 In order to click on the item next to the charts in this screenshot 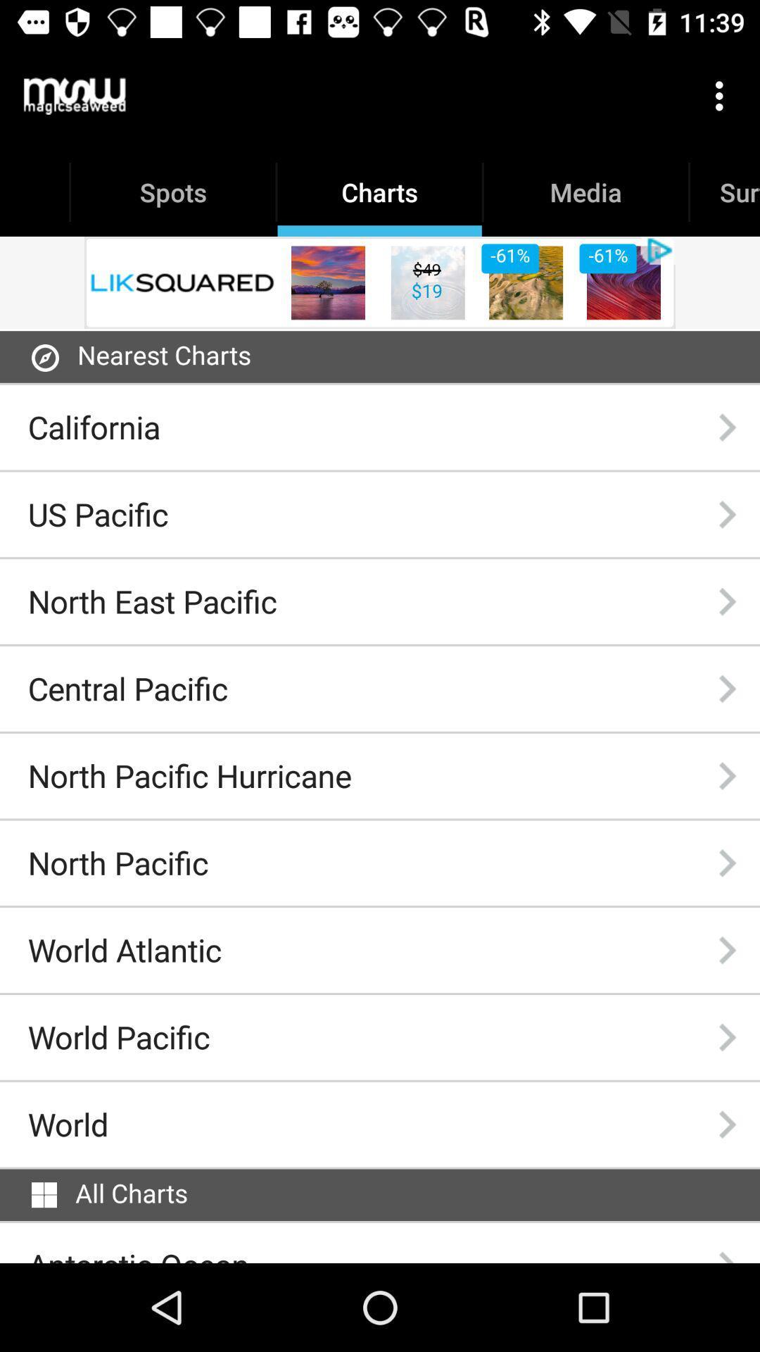, I will do `click(75, 95)`.